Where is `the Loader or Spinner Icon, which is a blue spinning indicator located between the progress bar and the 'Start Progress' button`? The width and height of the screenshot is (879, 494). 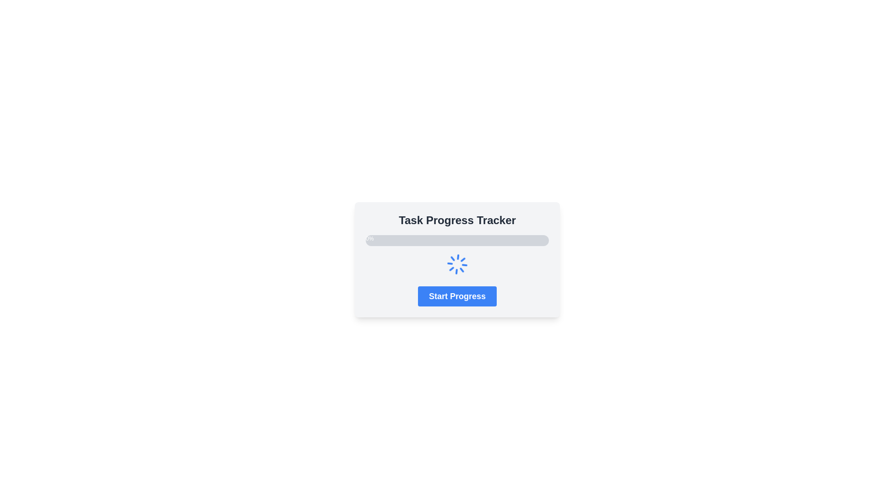
the Loader or Spinner Icon, which is a blue spinning indicator located between the progress bar and the 'Start Progress' button is located at coordinates (457, 264).